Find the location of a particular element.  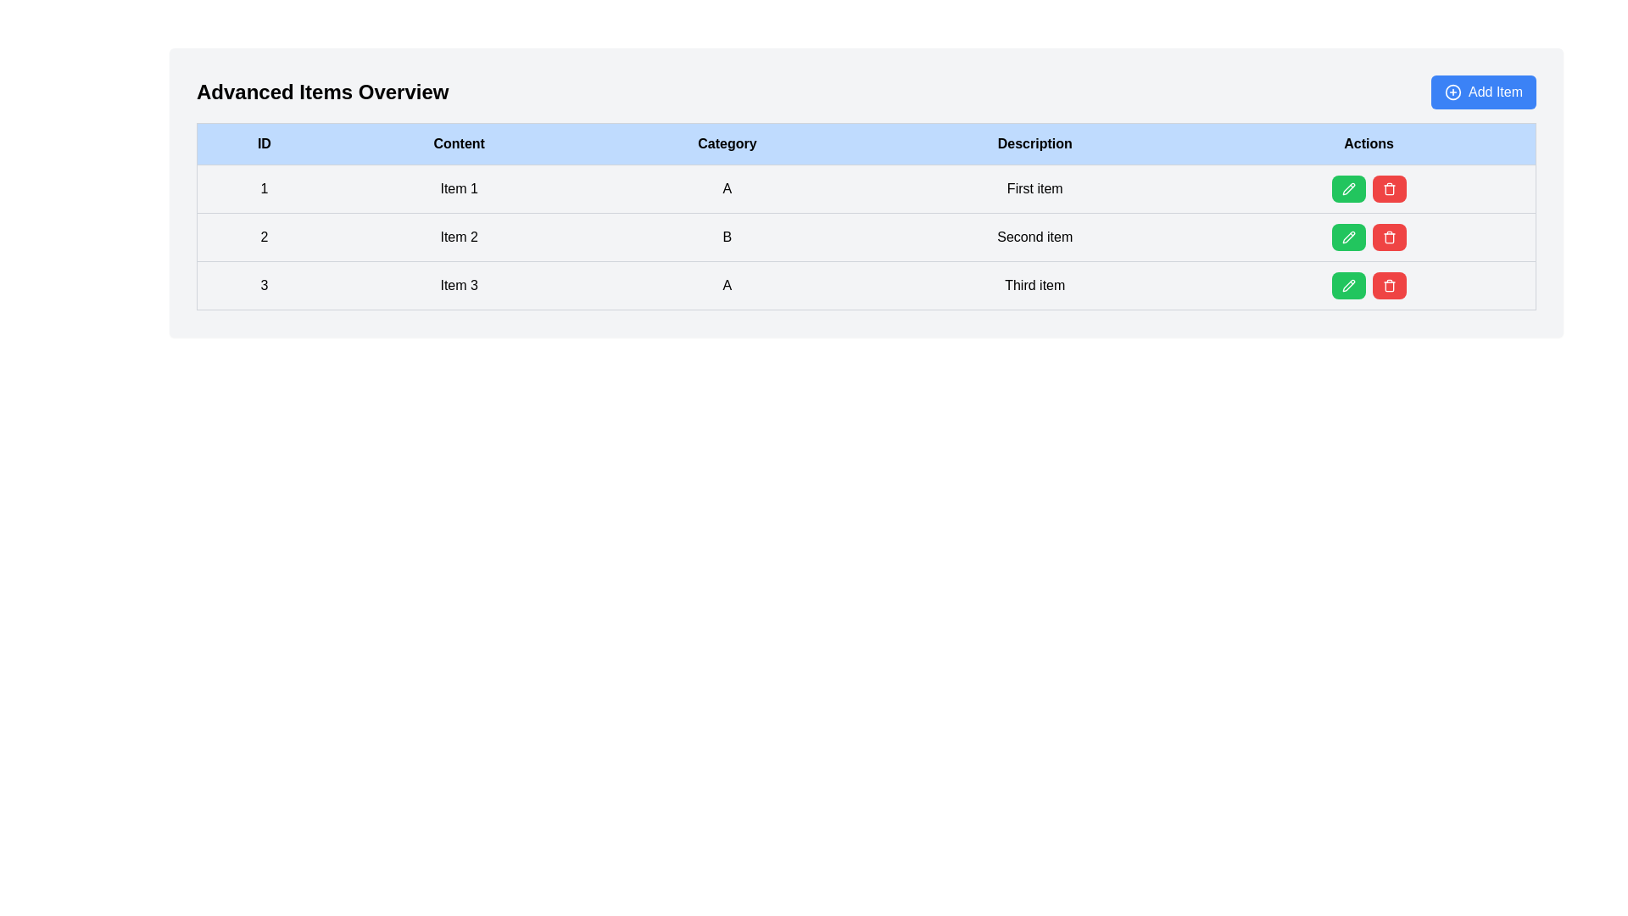

the edit button located in the first position of the action set in the second row of the table to initiate editing is located at coordinates (1346, 237).